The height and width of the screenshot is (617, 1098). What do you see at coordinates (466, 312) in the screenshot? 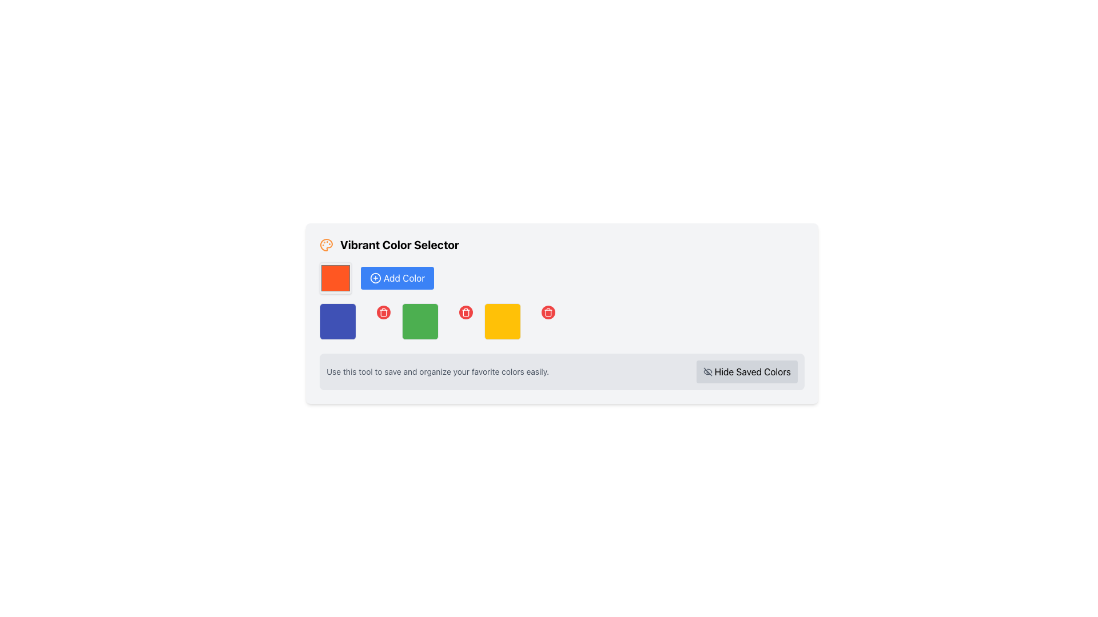
I see `the trash icon button with a red circular background` at bounding box center [466, 312].